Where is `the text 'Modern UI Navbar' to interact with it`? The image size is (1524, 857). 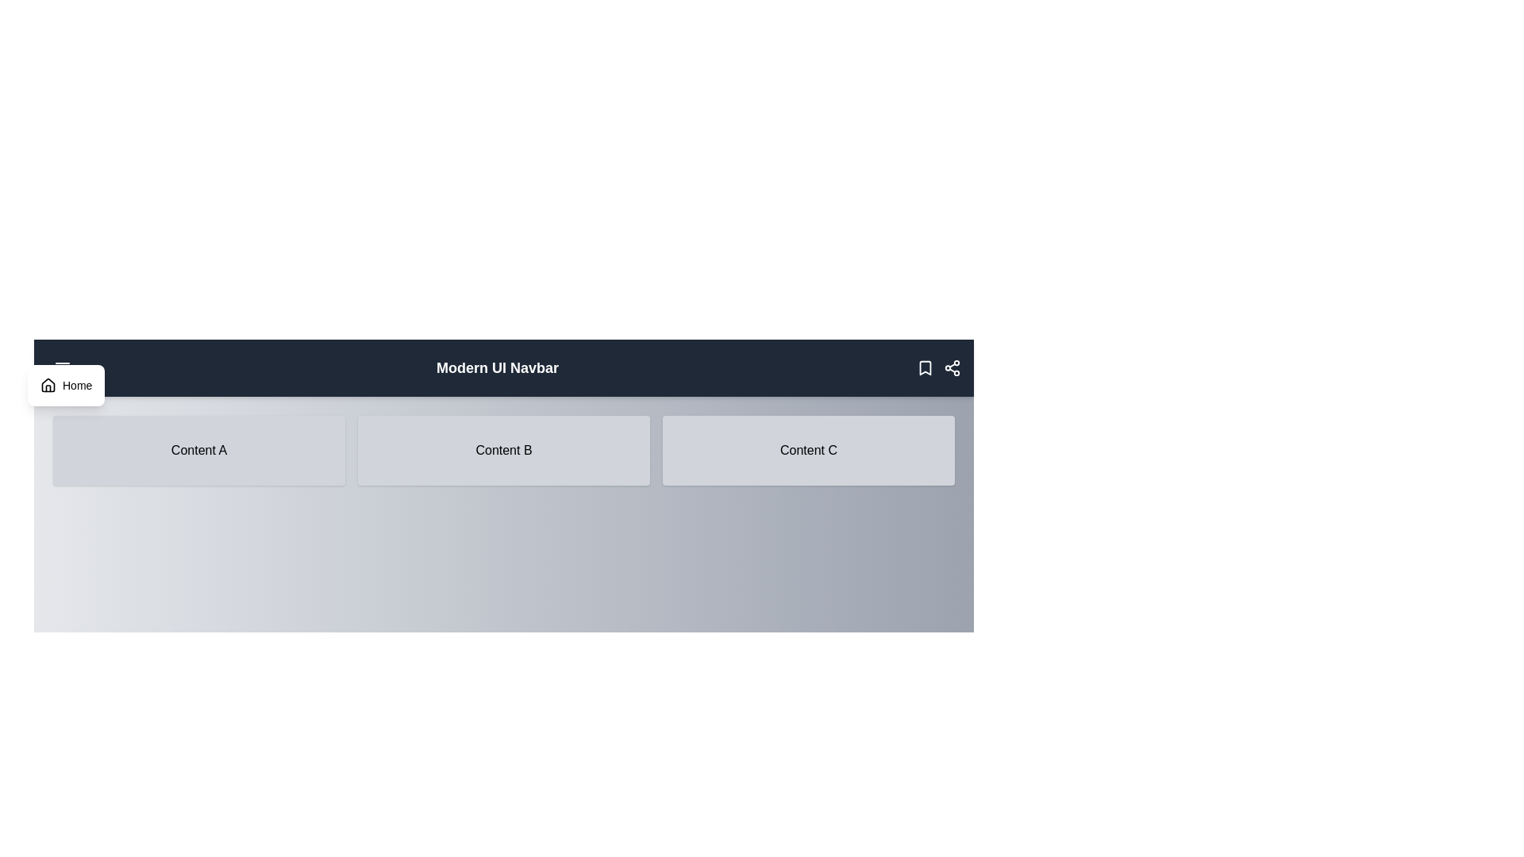
the text 'Modern UI Navbar' to interact with it is located at coordinates (497, 367).